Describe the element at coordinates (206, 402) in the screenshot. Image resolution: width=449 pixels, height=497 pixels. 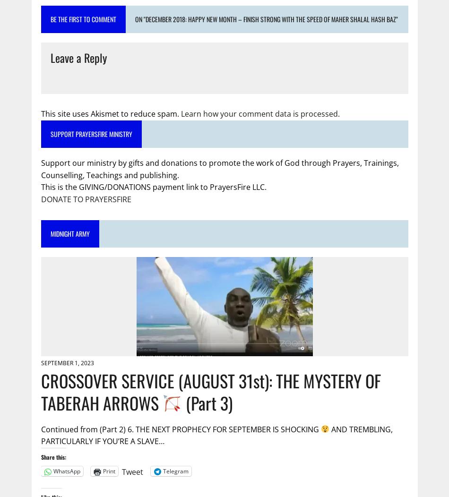
I see `'(Part 3)'` at that location.